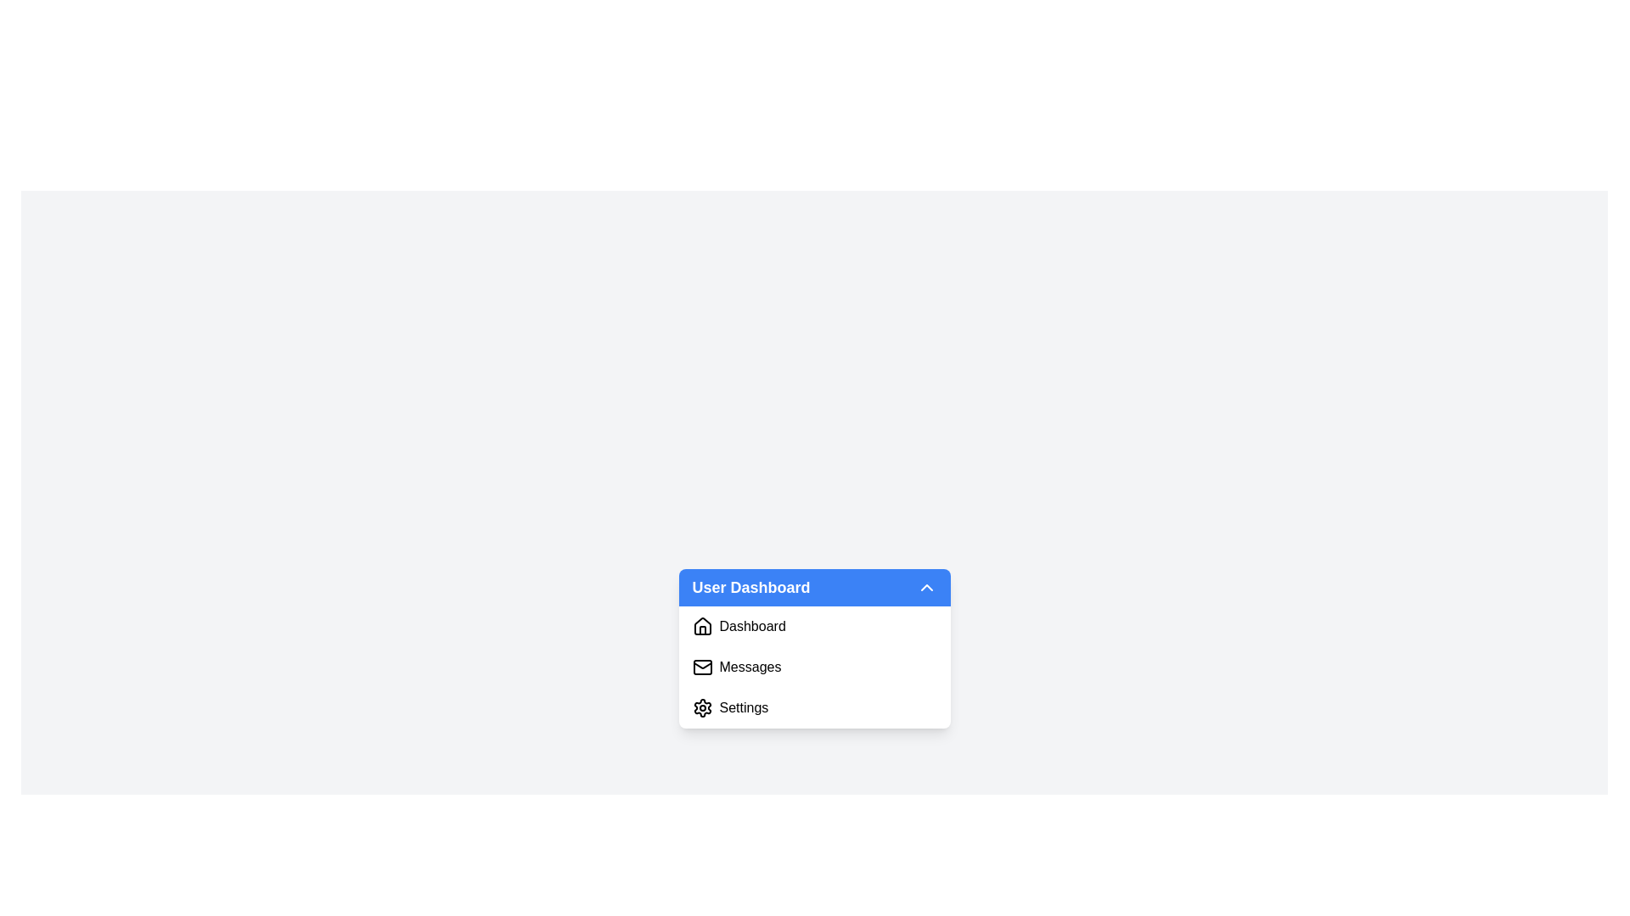 Image resolution: width=1630 pixels, height=916 pixels. What do you see at coordinates (702, 626) in the screenshot?
I see `the house icon in the User Dashboard dropdown menu, which is represented as a minimalistic graphical icon located above the 'Dashboard' label` at bounding box center [702, 626].